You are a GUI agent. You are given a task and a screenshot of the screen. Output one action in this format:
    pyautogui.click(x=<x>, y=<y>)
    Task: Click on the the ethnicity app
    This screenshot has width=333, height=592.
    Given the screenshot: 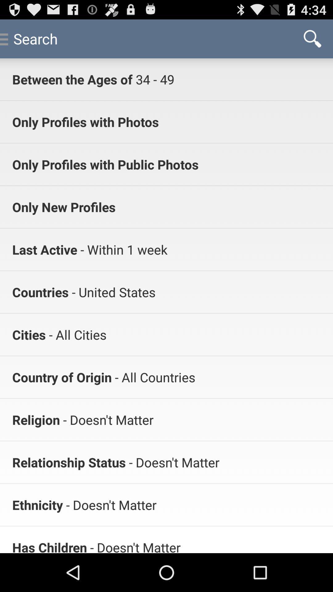 What is the action you would take?
    pyautogui.click(x=37, y=505)
    